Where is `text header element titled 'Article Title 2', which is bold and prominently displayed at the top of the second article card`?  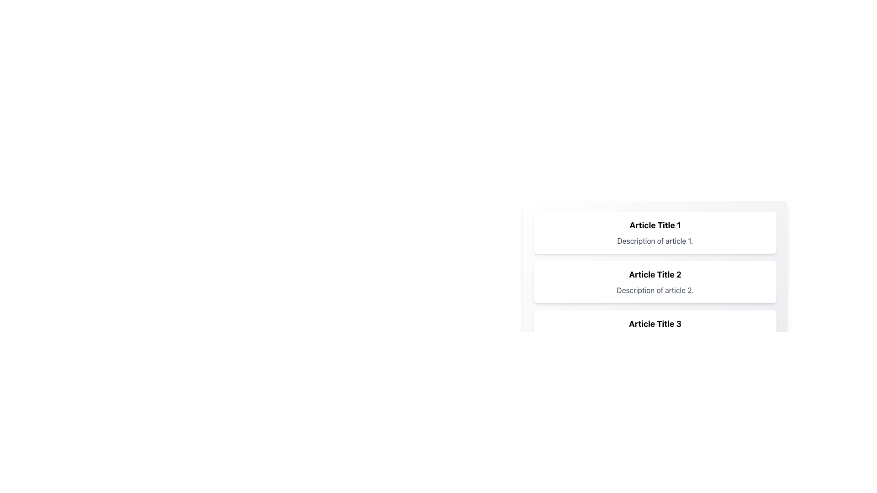 text header element titled 'Article Title 2', which is bold and prominently displayed at the top of the second article card is located at coordinates (655, 274).